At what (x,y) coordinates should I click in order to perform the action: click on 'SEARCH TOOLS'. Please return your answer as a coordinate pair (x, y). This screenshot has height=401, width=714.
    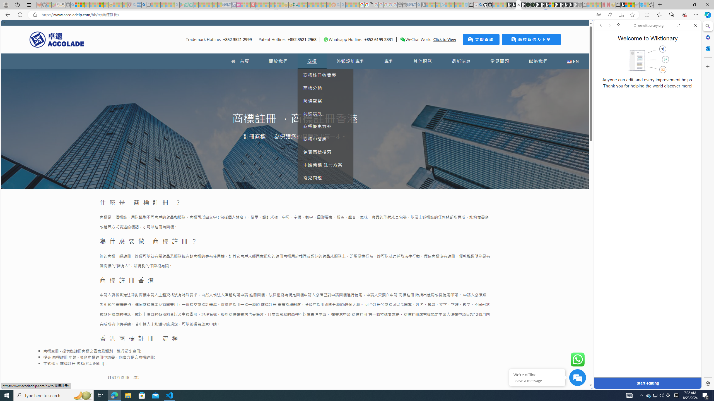
    Looking at the image, I should click on (662, 64).